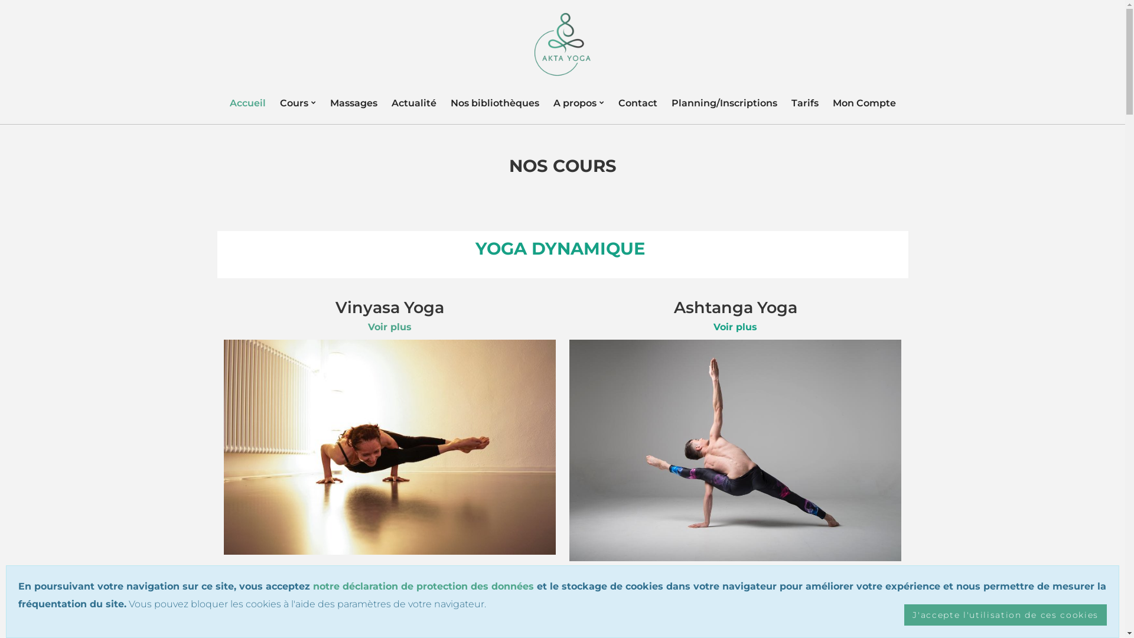  Describe the element at coordinates (298, 102) in the screenshot. I see `'Cours'` at that location.